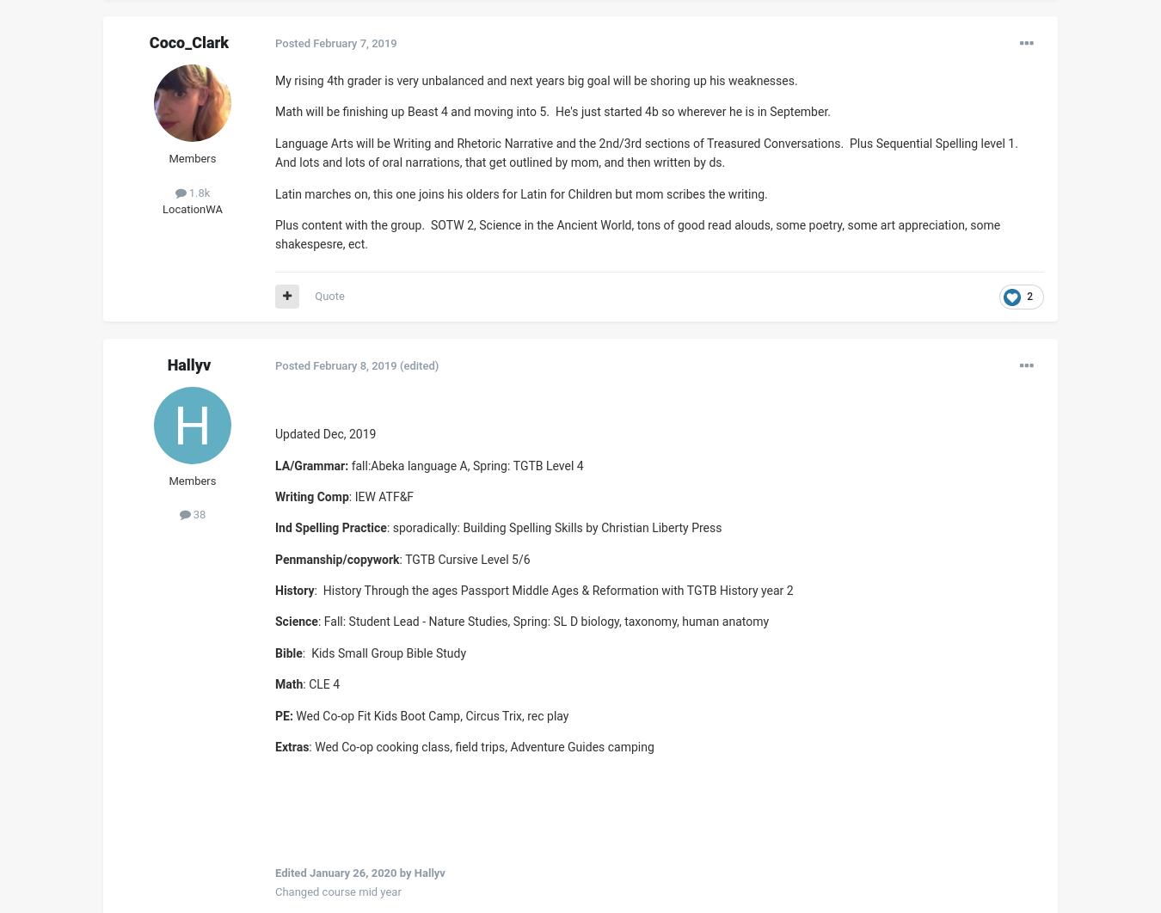 Image resolution: width=1161 pixels, height=913 pixels. Describe the element at coordinates (302, 683) in the screenshot. I see `':'` at that location.